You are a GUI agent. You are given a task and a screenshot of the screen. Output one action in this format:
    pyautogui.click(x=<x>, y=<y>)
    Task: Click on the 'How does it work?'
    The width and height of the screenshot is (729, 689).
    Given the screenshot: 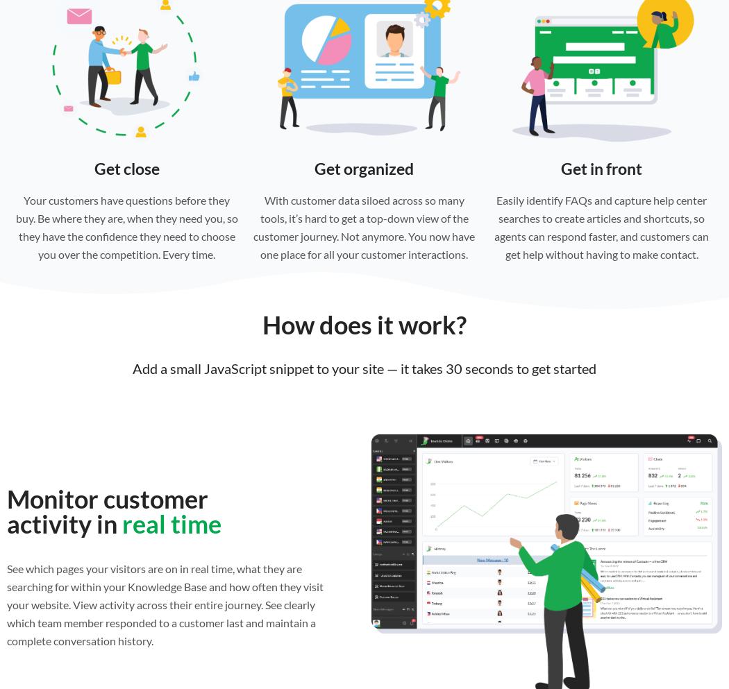 What is the action you would take?
    pyautogui.click(x=262, y=324)
    